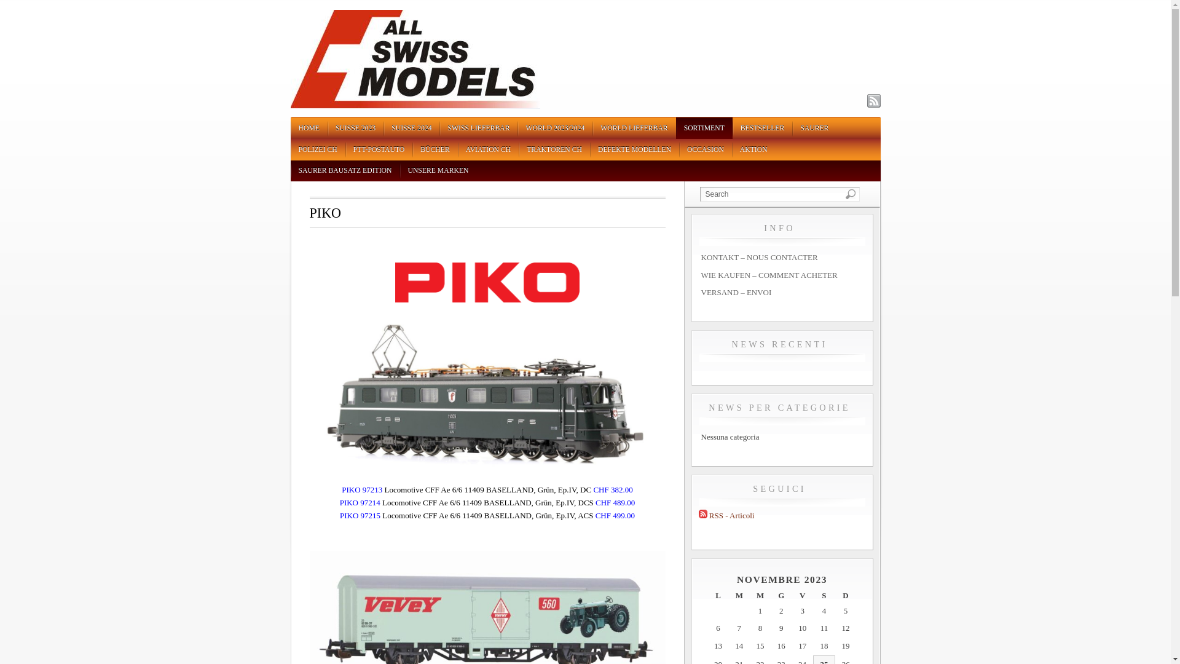 The height and width of the screenshot is (664, 1180). I want to click on 'AKTION', so click(753, 149).